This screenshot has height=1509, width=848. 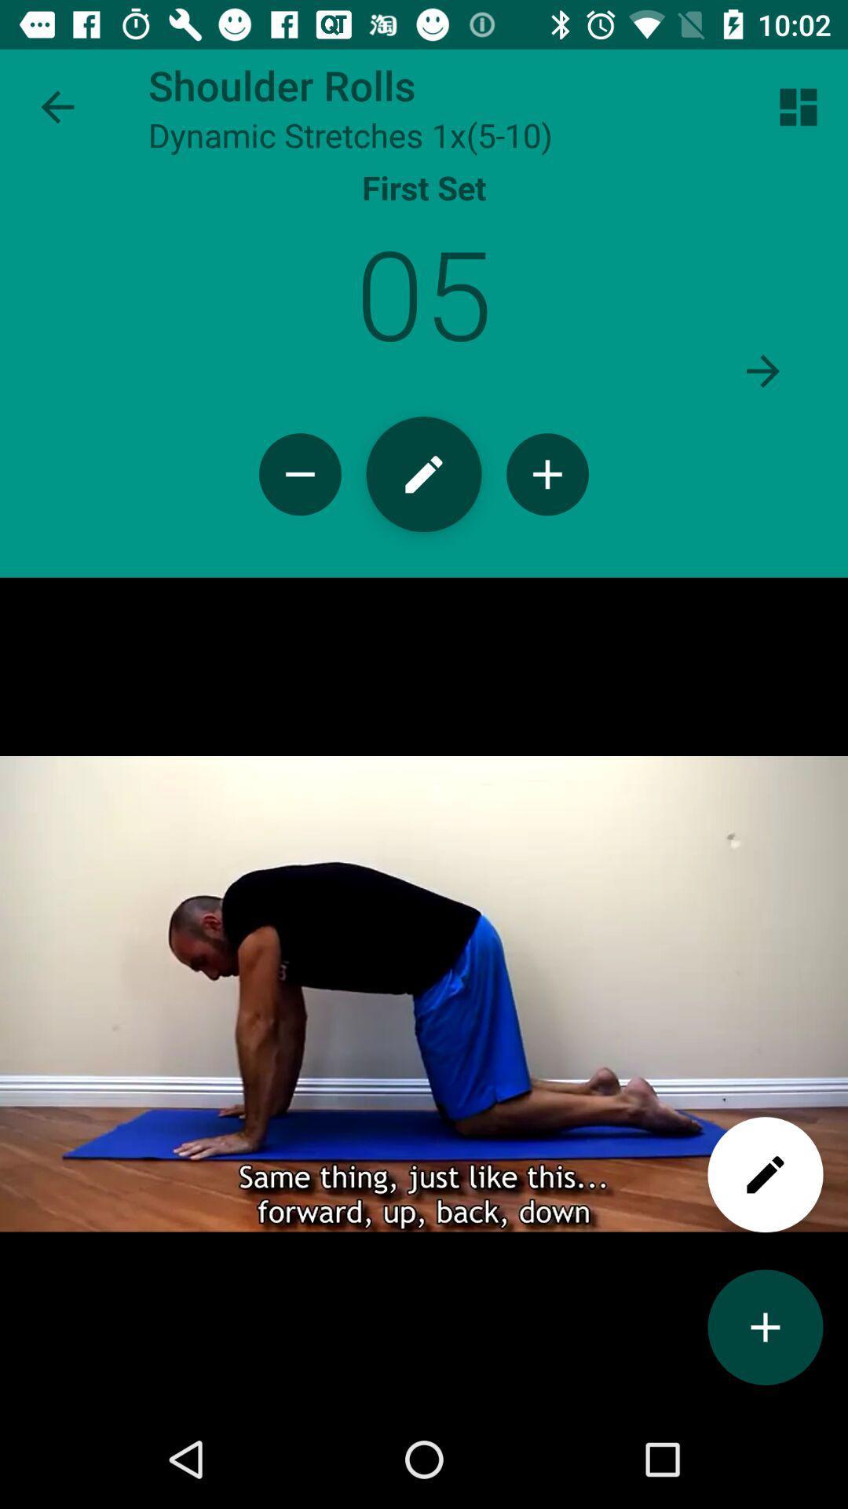 What do you see at coordinates (765, 1327) in the screenshot?
I see `more` at bounding box center [765, 1327].